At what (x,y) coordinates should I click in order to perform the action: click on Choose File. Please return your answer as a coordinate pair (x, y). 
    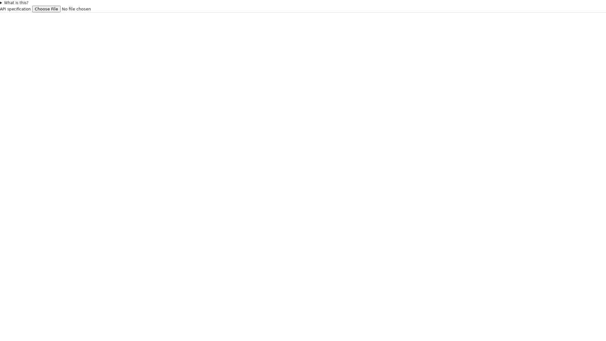
    Looking at the image, I should click on (46, 9).